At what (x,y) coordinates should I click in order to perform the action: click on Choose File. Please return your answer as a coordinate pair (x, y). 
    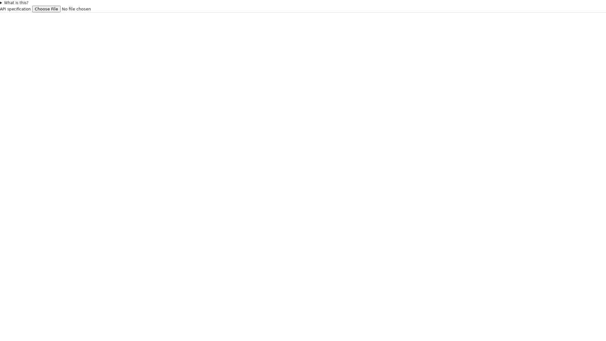
    Looking at the image, I should click on (46, 9).